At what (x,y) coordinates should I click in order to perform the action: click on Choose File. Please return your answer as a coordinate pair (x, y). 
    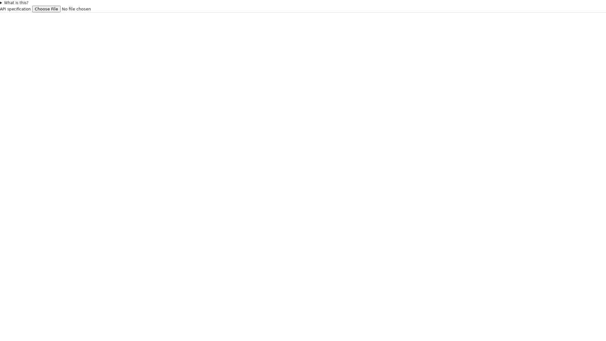
    Looking at the image, I should click on (46, 9).